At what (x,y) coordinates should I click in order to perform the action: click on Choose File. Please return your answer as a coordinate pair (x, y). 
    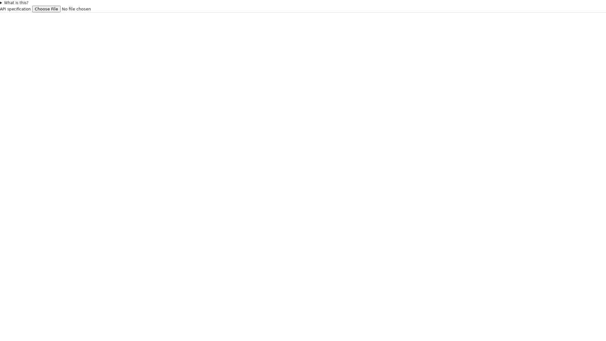
    Looking at the image, I should click on (46, 9).